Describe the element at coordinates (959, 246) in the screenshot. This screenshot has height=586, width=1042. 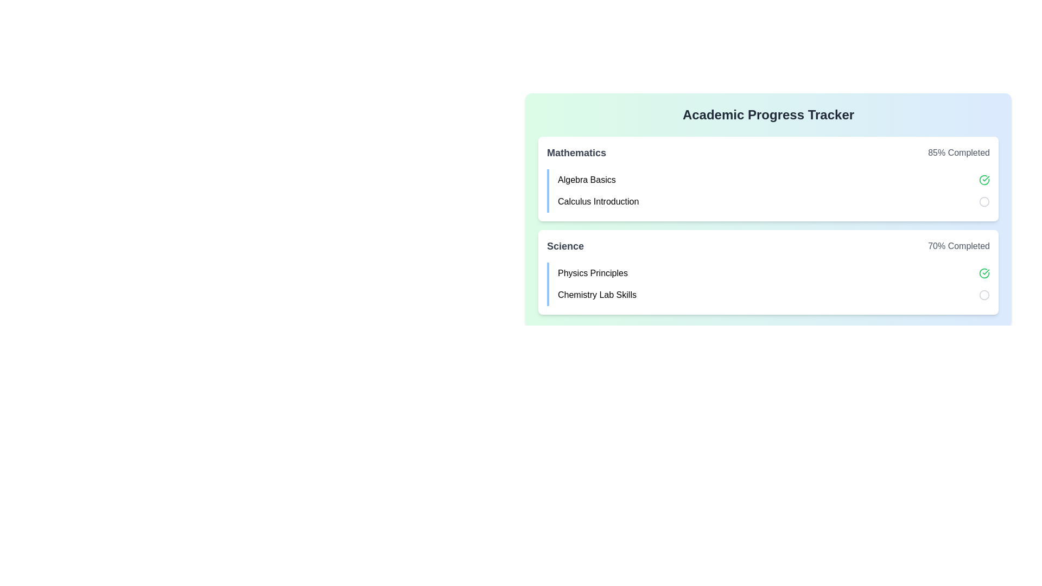
I see `the displayed percentage text '70% Completed' which is aligned to the right in a medium gray font, part of the section under the header 'Science'` at that location.